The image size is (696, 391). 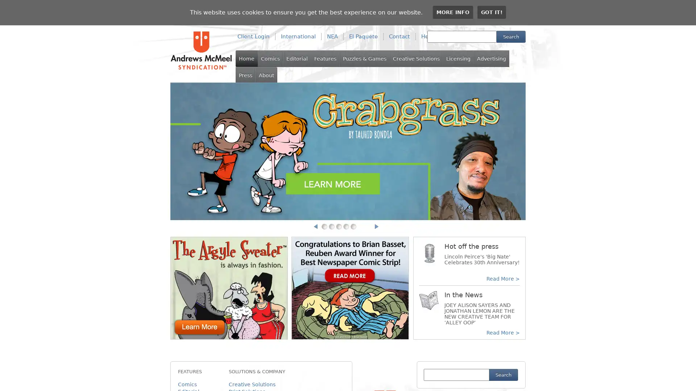 I want to click on Search, so click(x=503, y=375).